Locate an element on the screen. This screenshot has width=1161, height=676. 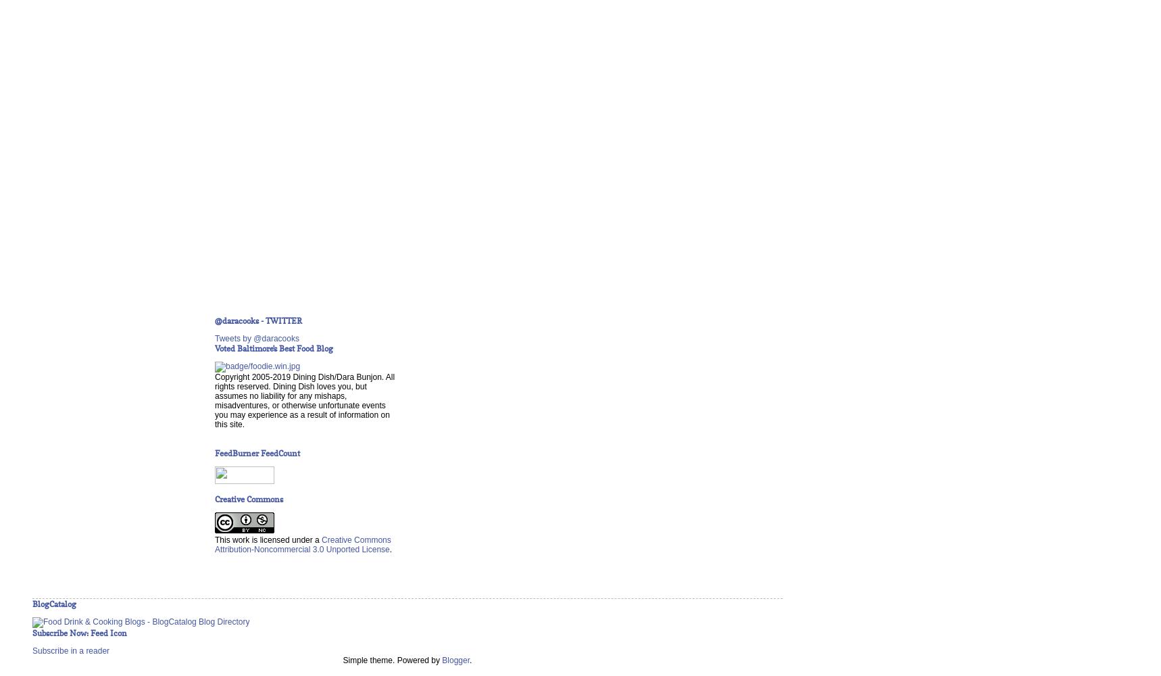
'Creative Commons Attribution-Noncommercial 3.0 Unported License' is located at coordinates (215, 545).